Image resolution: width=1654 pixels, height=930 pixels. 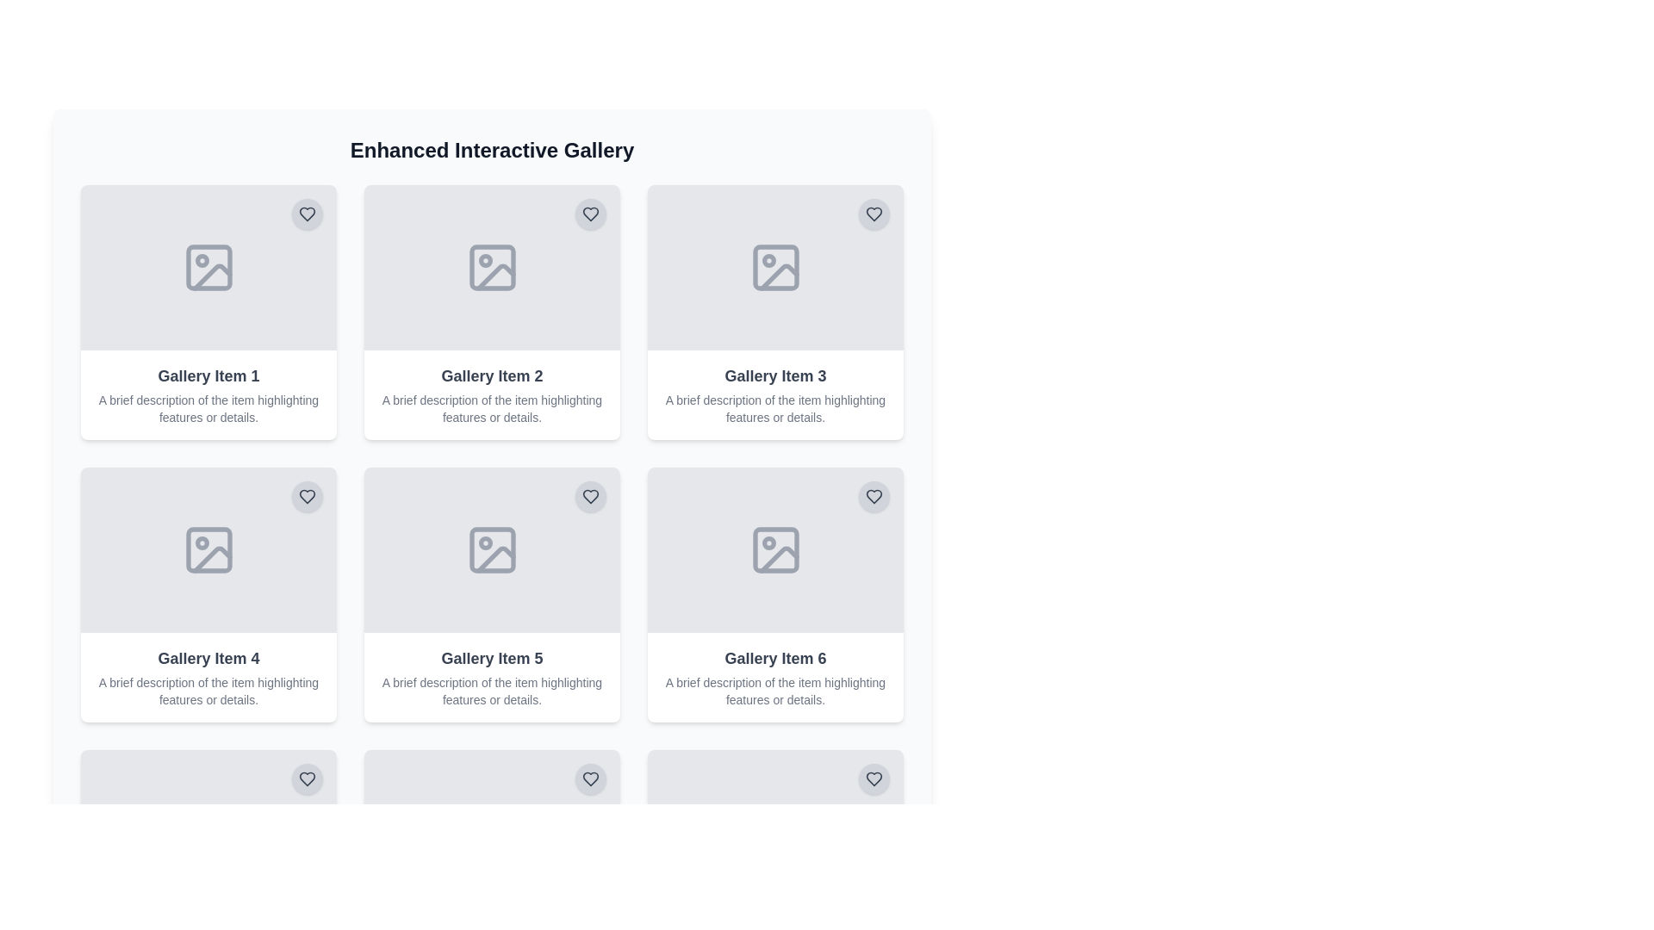 I want to click on the outlined SVG picture frame icon, which is part of the sixth gallery item in the third row of the grid layout, so click(x=774, y=550).